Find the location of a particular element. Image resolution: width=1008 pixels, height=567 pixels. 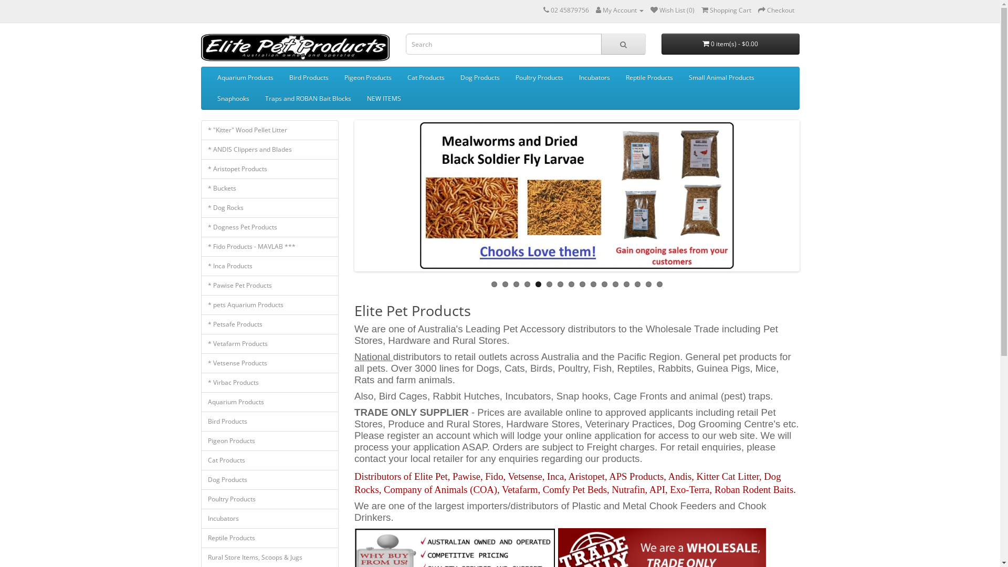

'* Pawise Pet Products' is located at coordinates (269, 285).